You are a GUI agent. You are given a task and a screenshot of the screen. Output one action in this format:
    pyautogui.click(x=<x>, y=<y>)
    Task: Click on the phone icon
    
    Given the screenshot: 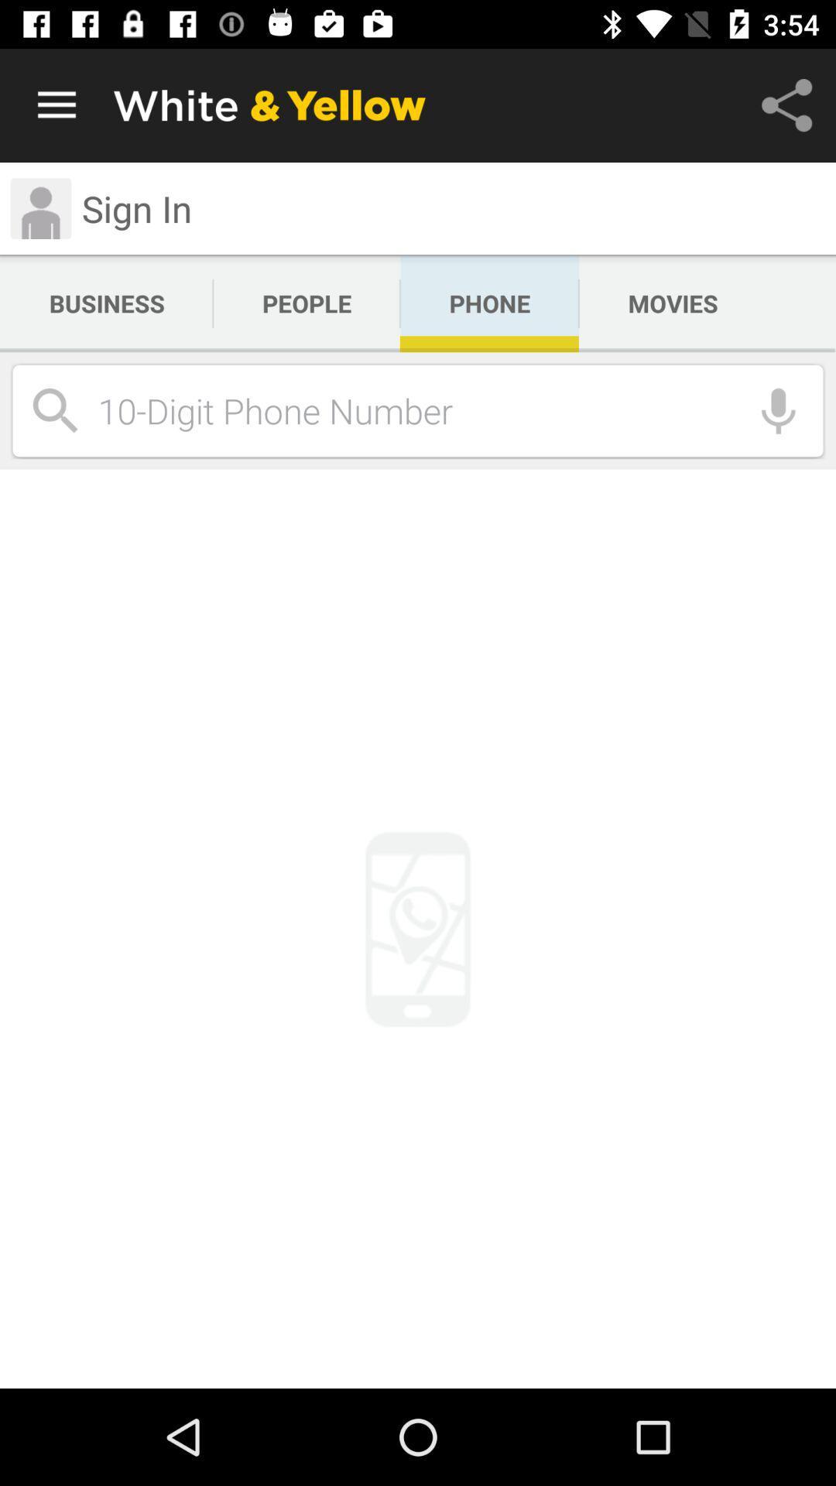 What is the action you would take?
    pyautogui.click(x=489, y=303)
    